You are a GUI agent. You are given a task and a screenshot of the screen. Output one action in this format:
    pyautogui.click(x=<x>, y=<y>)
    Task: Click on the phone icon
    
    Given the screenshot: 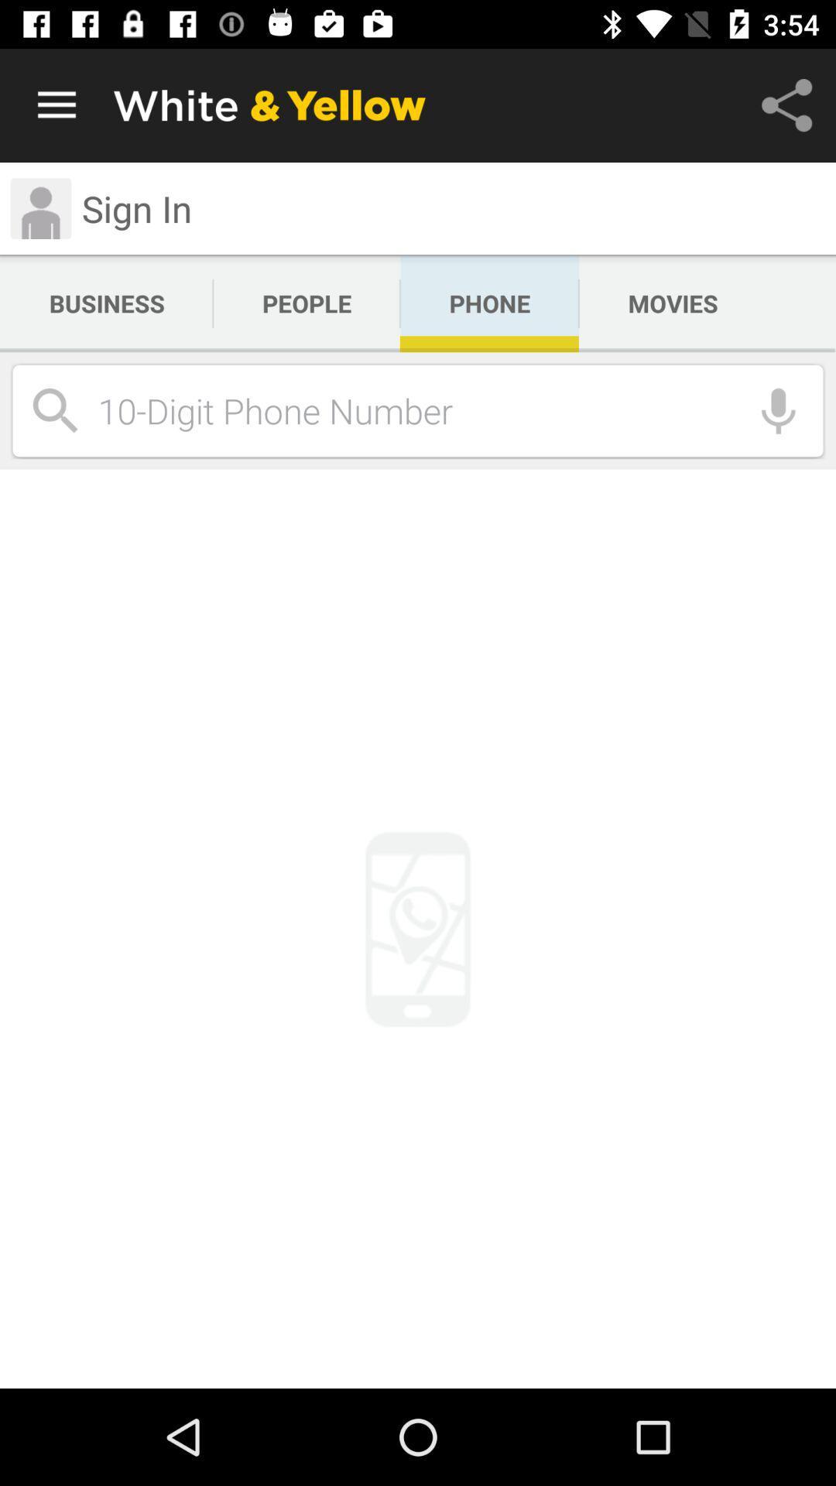 What is the action you would take?
    pyautogui.click(x=489, y=303)
    